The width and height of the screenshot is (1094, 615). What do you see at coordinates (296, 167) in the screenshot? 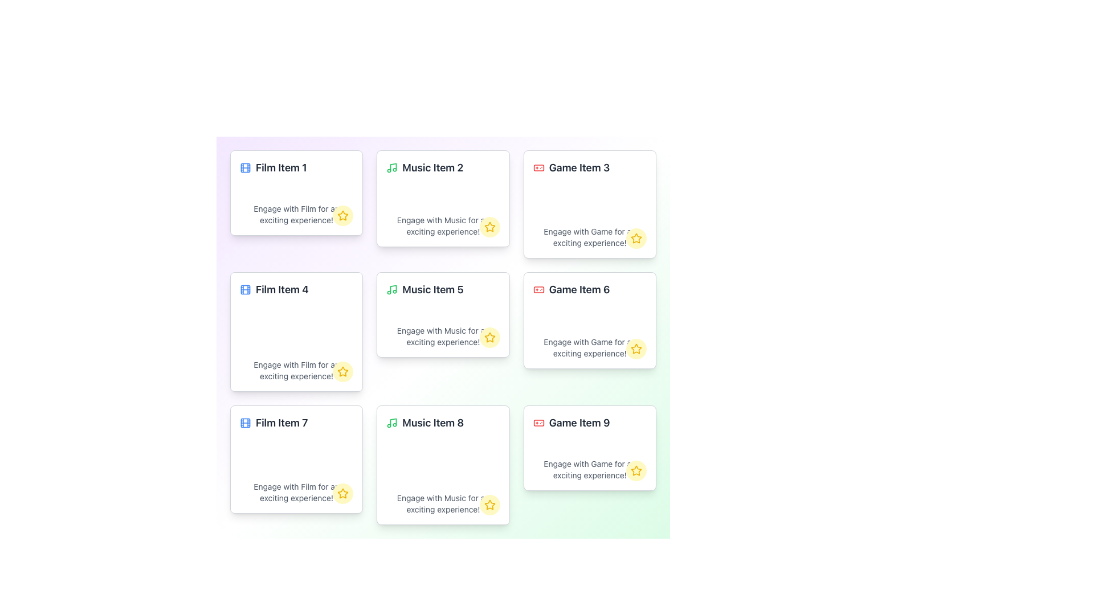
I see `the text label 'Film Item 1' with the blue movie icon, which is the first item in the grid layout located in the top-left corner of the card-like interface` at bounding box center [296, 167].